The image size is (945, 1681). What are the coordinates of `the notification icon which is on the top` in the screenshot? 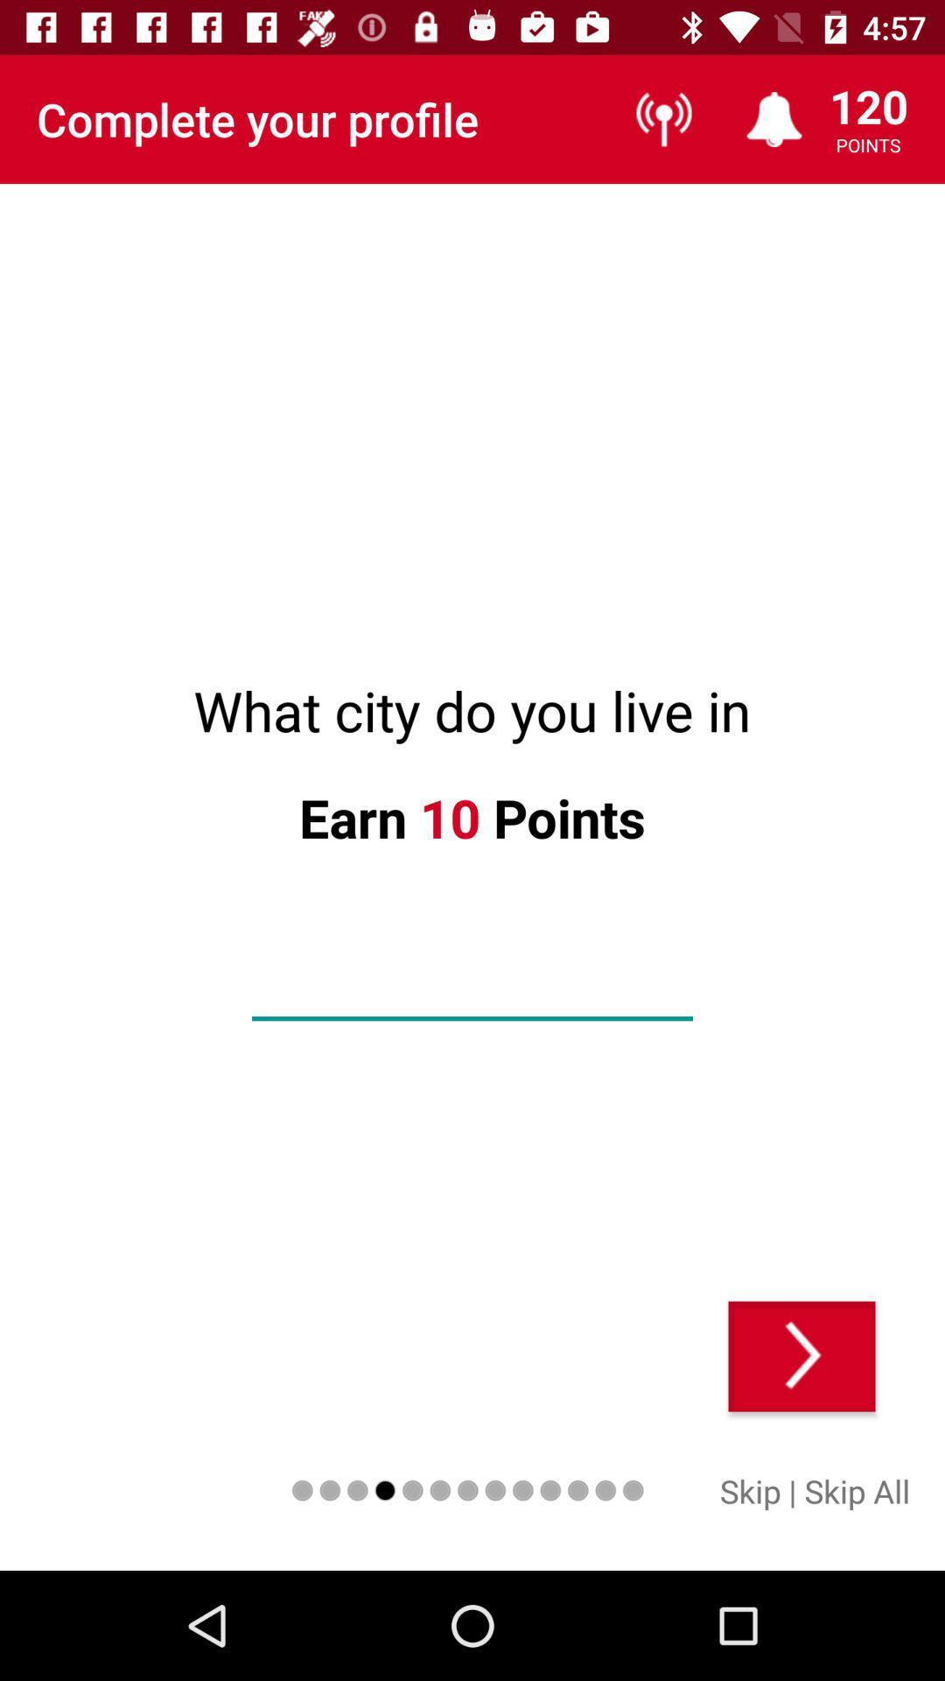 It's located at (773, 118).